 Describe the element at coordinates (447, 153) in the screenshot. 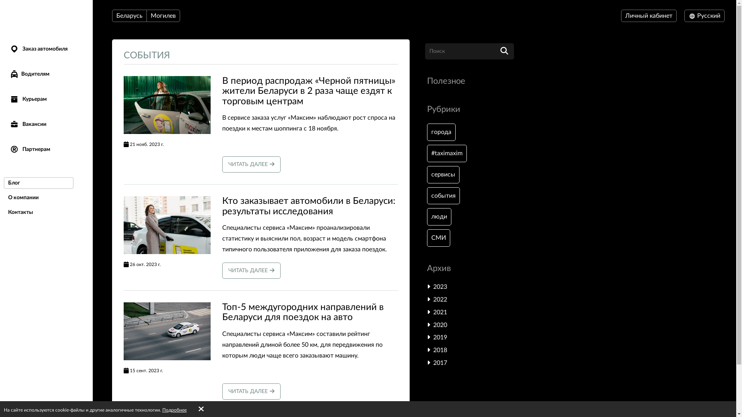

I see `'#taximaxim'` at that location.